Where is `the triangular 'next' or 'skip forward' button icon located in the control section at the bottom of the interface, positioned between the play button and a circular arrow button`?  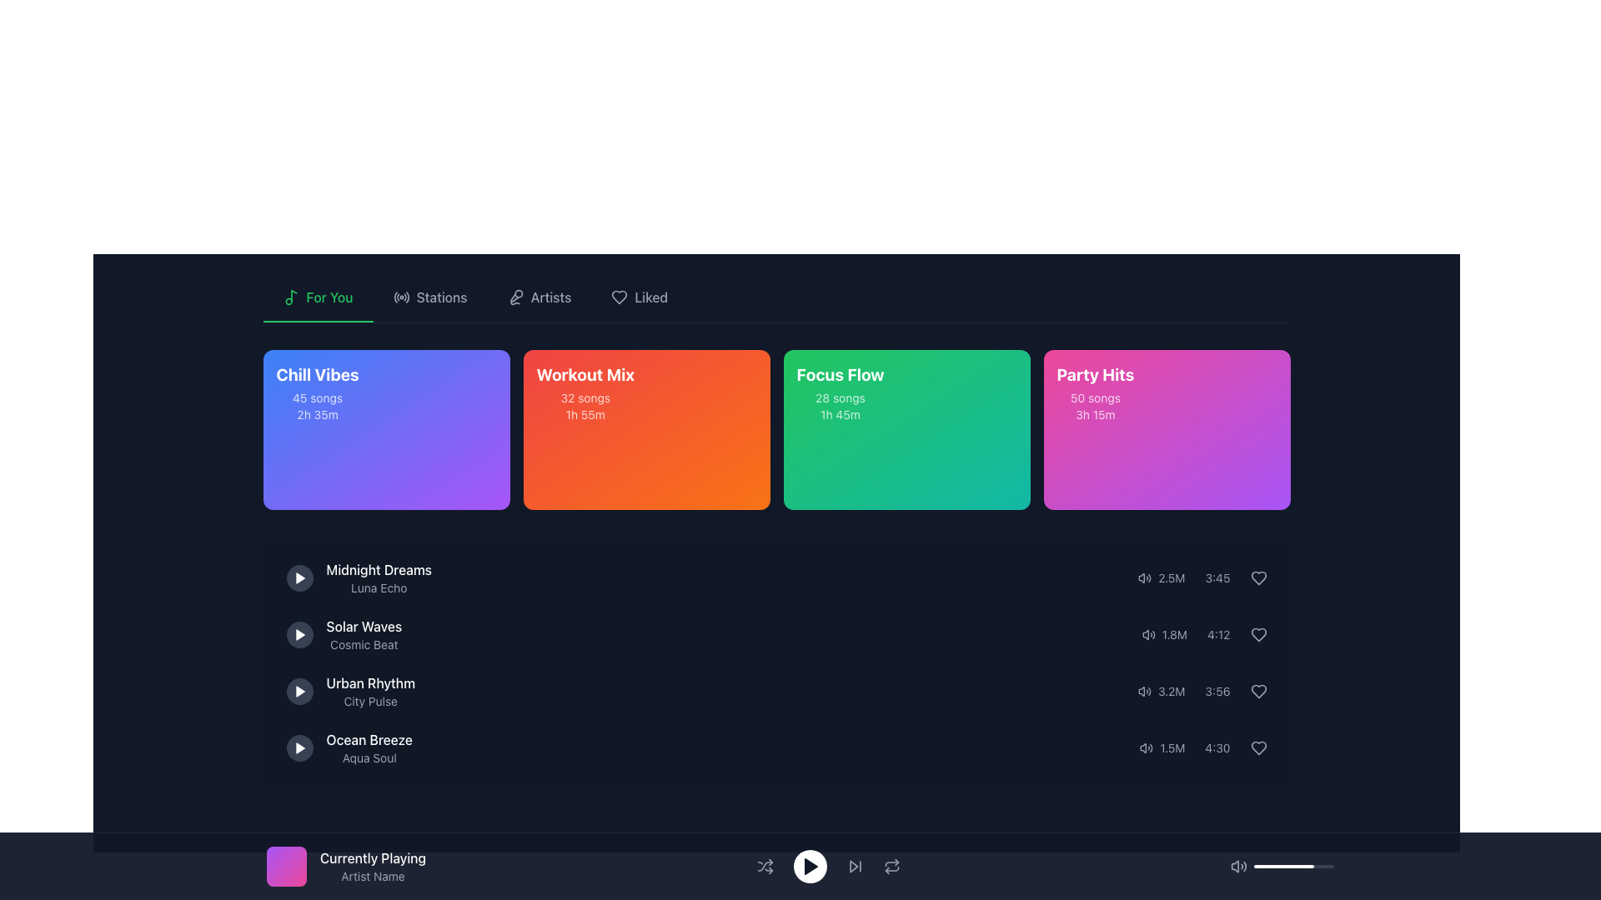
the triangular 'next' or 'skip forward' button icon located in the control section at the bottom of the interface, positioned between the play button and a circular arrow button is located at coordinates (853, 866).